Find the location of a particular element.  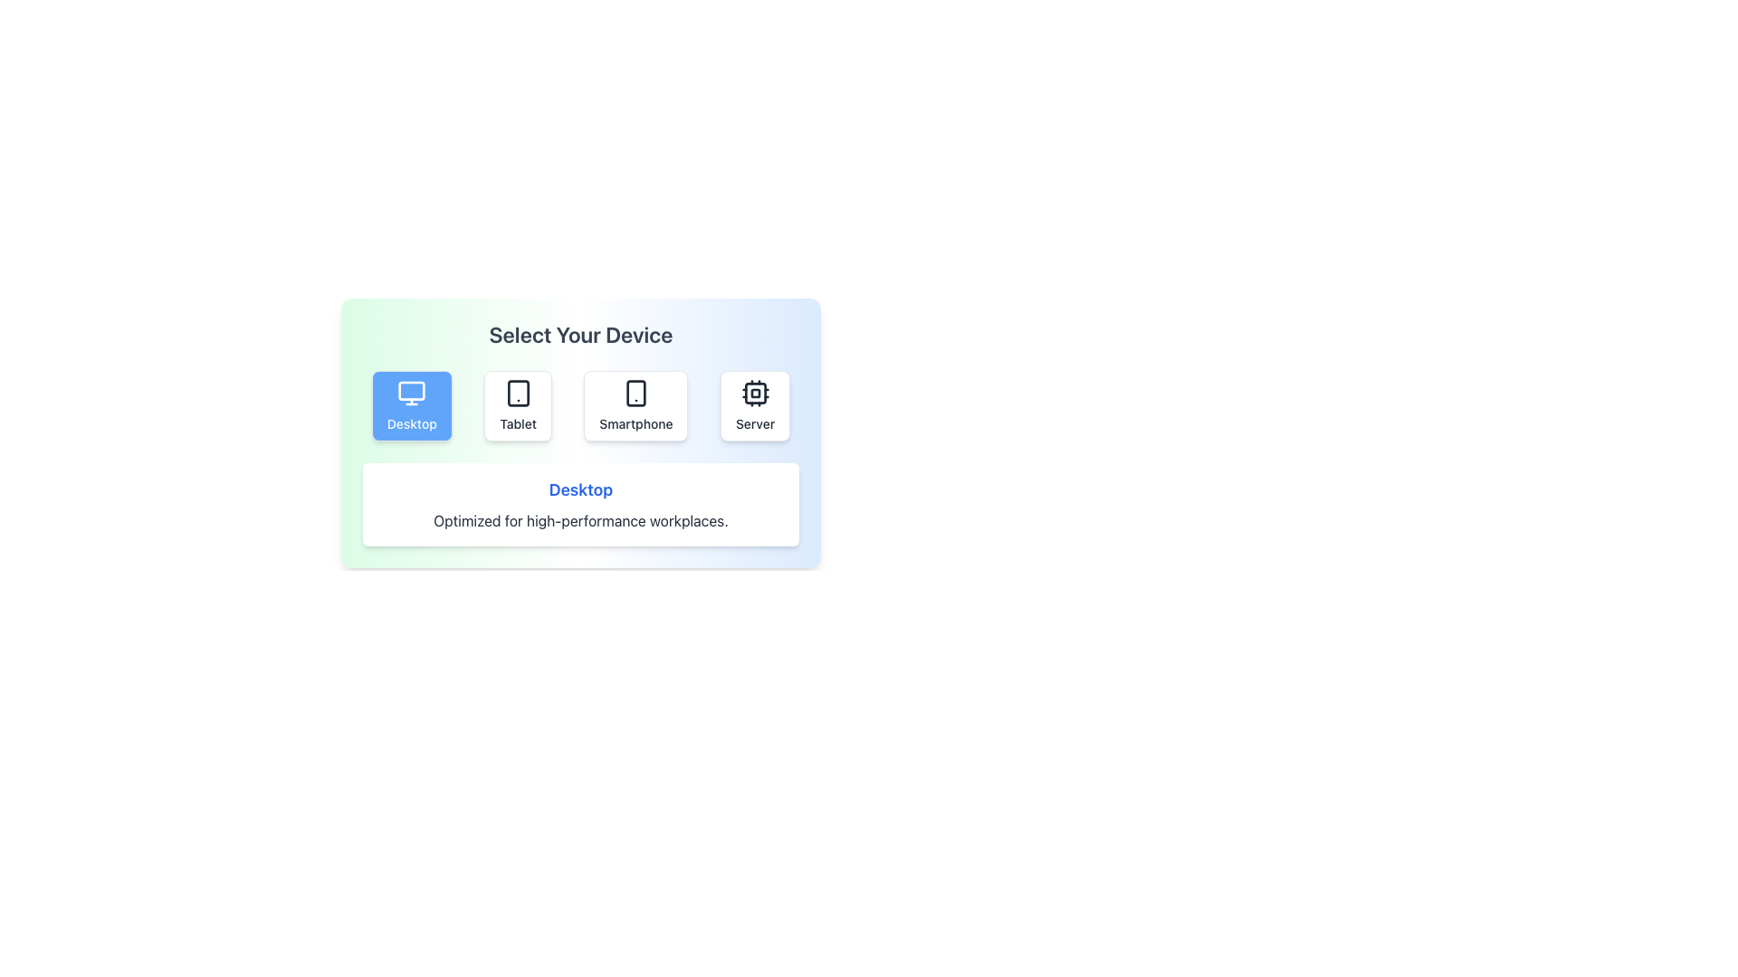

the central rectangular shape inside the 'Tablet' icon, which is the second device option in the group of four device icons under the heading 'Select Your Device' is located at coordinates (517, 393).